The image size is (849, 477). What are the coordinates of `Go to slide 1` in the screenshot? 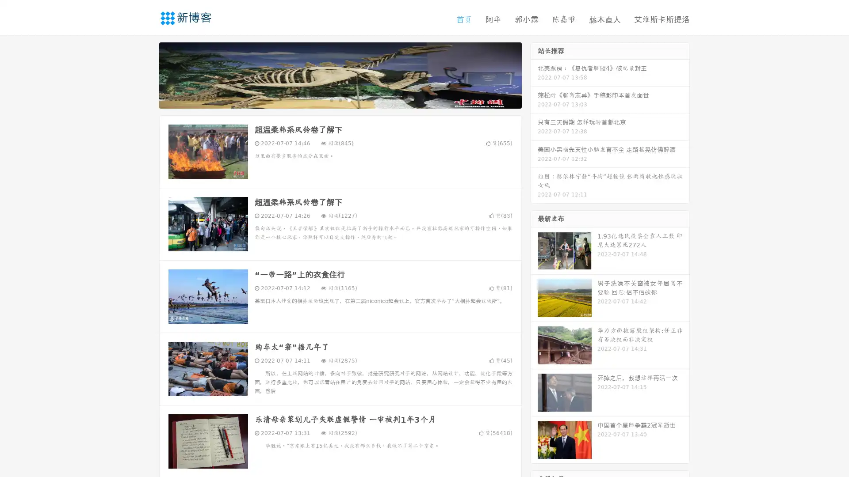 It's located at (331, 99).